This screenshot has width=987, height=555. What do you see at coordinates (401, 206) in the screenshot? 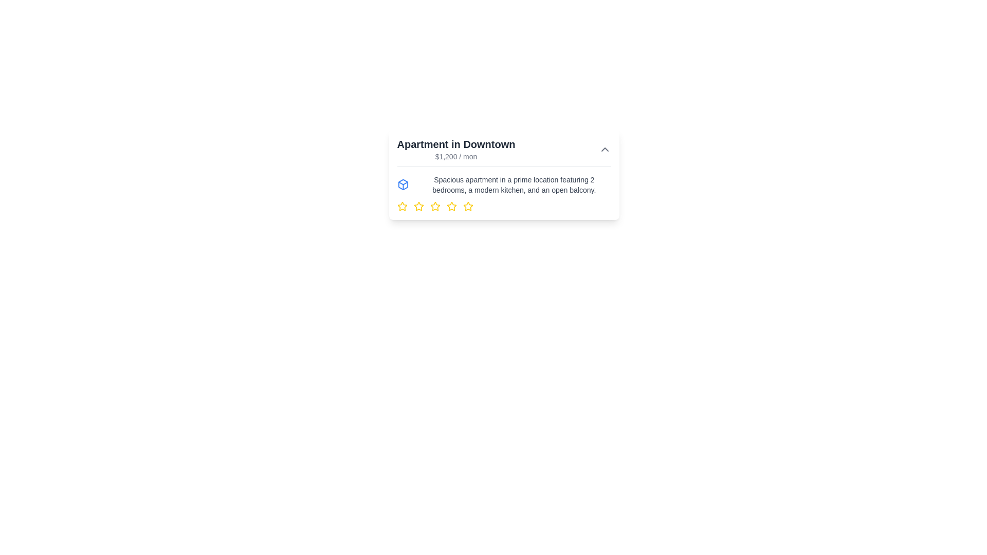
I see `the first star icon on the left in the horizontal row of stars below the apartment description` at bounding box center [401, 206].